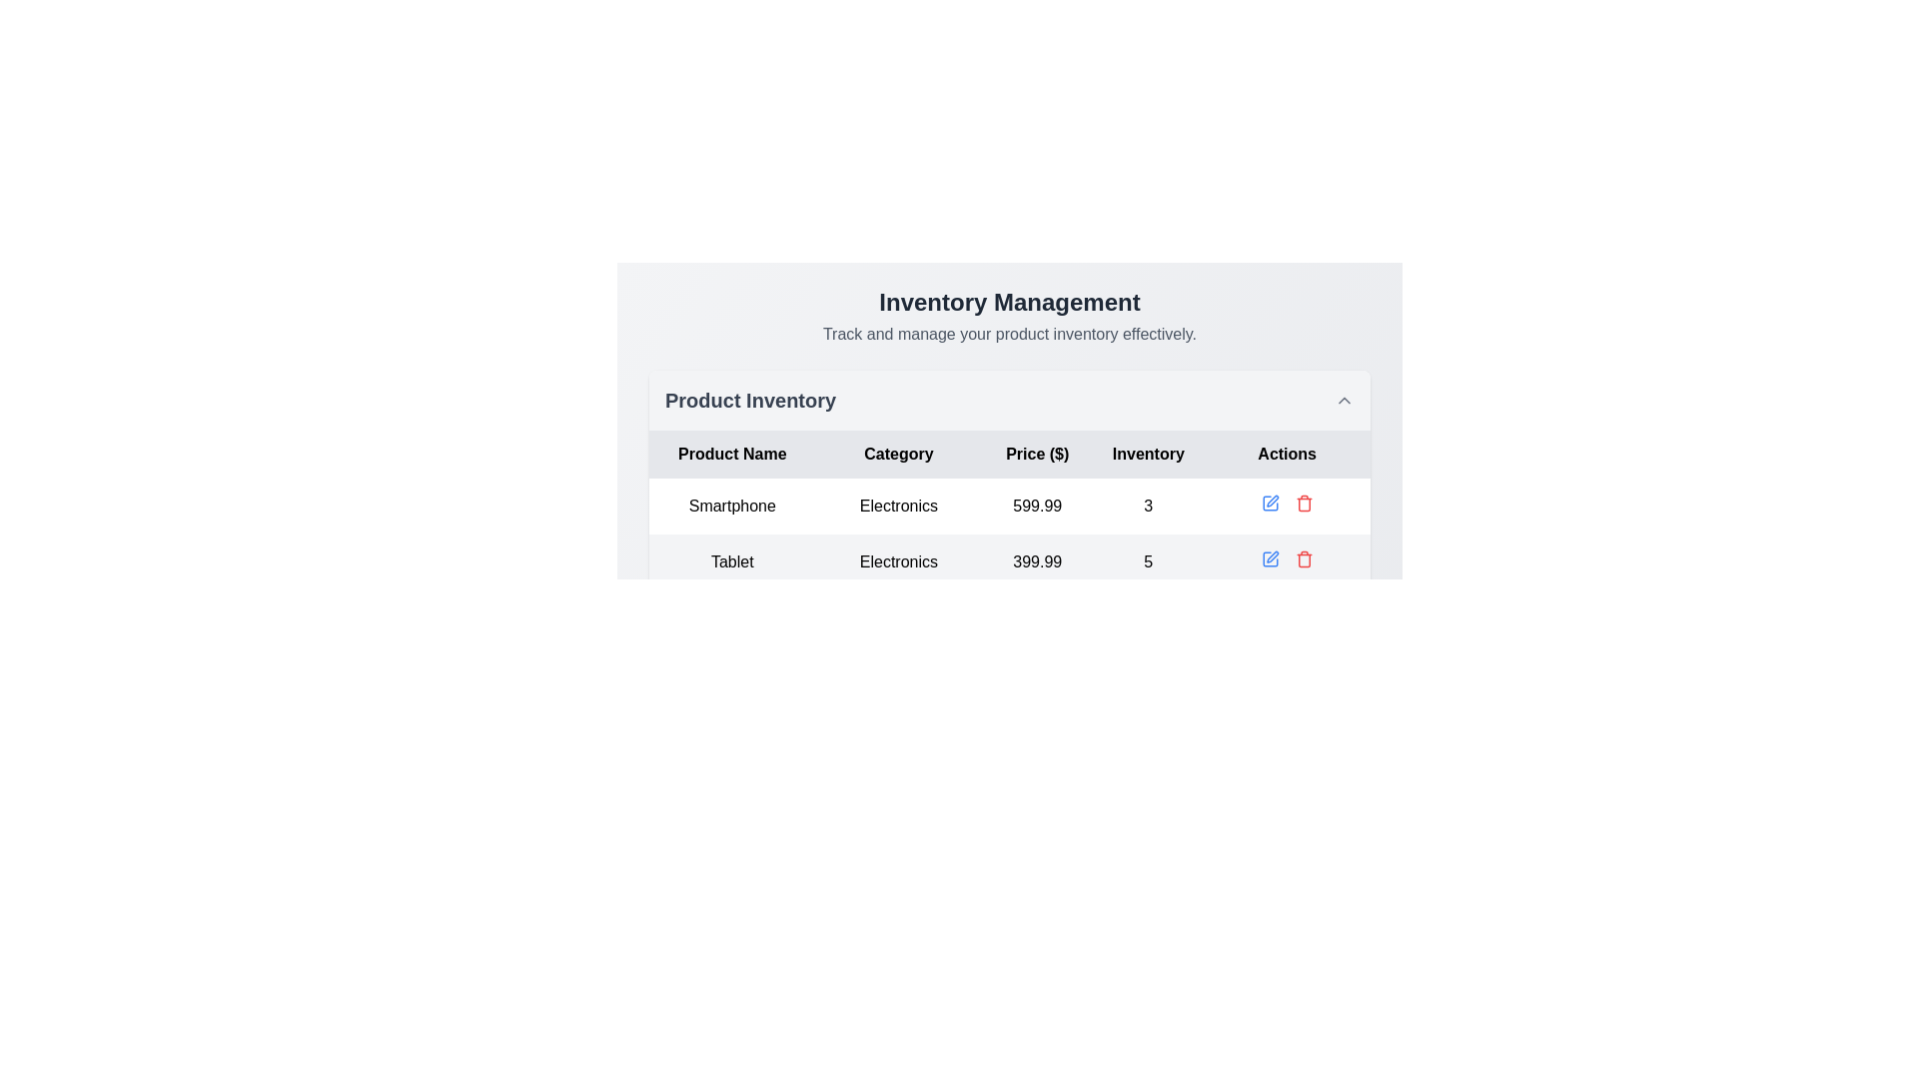  Describe the element at coordinates (897, 455) in the screenshot. I see `the 'Category' column label in the table, which is the second column header located between 'Product Name' and 'Price ($)'` at that location.